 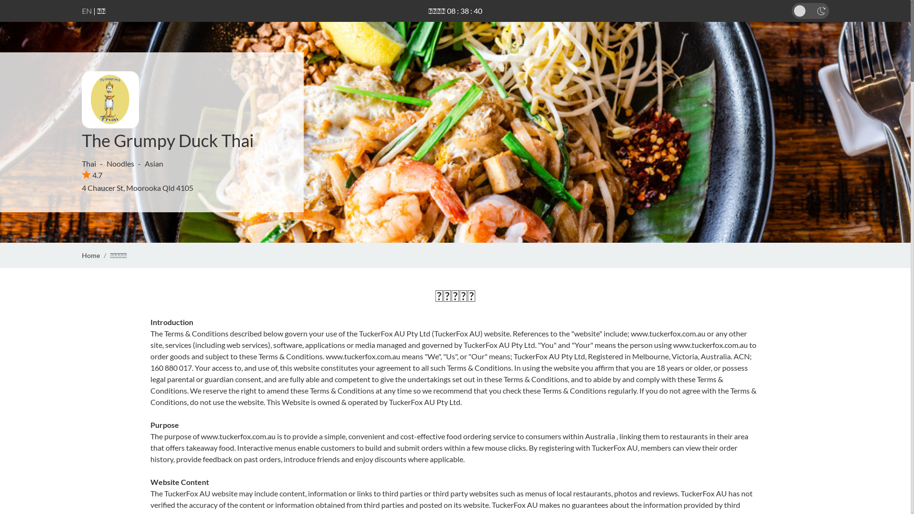 I want to click on '4.7', so click(x=82, y=175).